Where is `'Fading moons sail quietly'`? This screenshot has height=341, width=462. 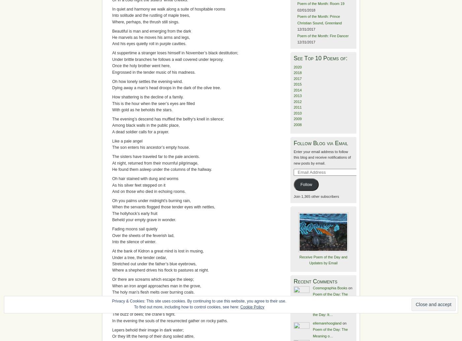 'Fading moons sail quietly' is located at coordinates (135, 229).